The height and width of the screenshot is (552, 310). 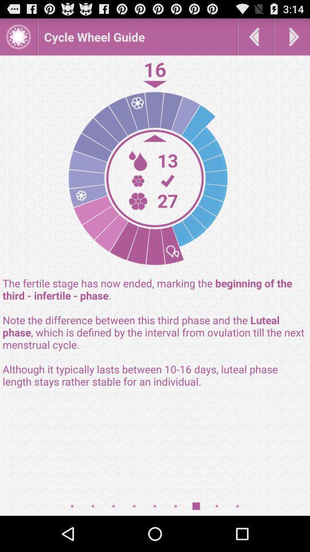 I want to click on image, so click(x=18, y=36).